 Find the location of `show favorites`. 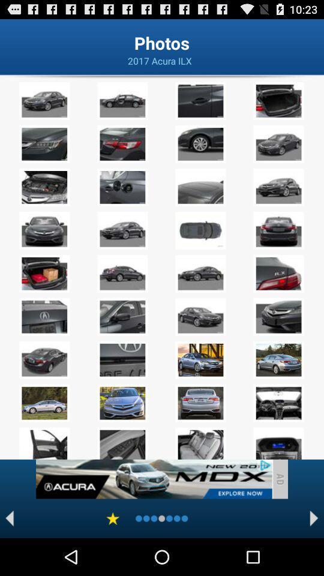

show favorites is located at coordinates (113, 518).